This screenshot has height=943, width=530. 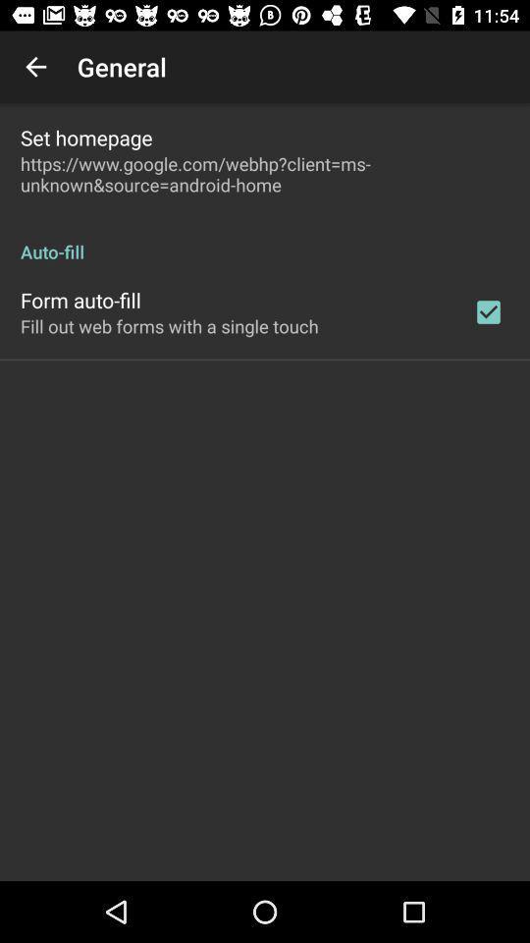 What do you see at coordinates (85, 137) in the screenshot?
I see `set homepage app` at bounding box center [85, 137].